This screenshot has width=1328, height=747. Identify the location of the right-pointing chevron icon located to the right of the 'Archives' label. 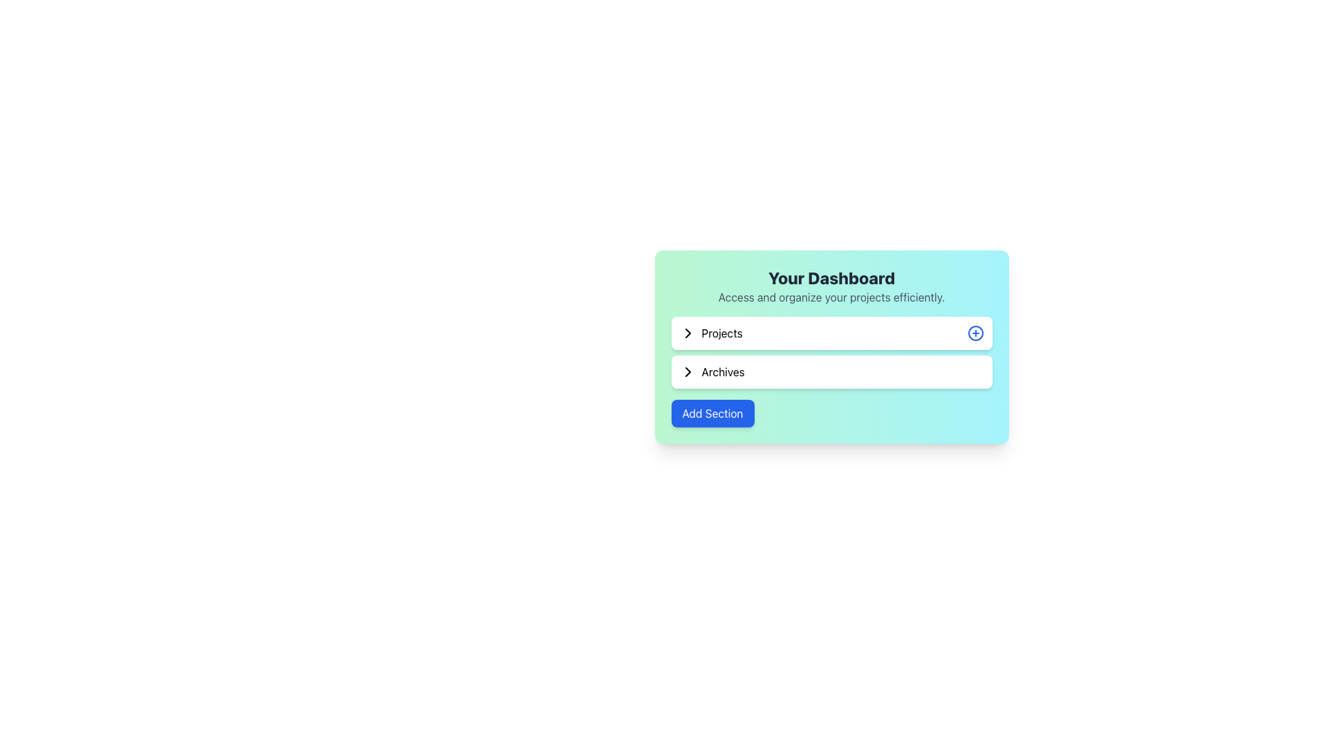
(688, 371).